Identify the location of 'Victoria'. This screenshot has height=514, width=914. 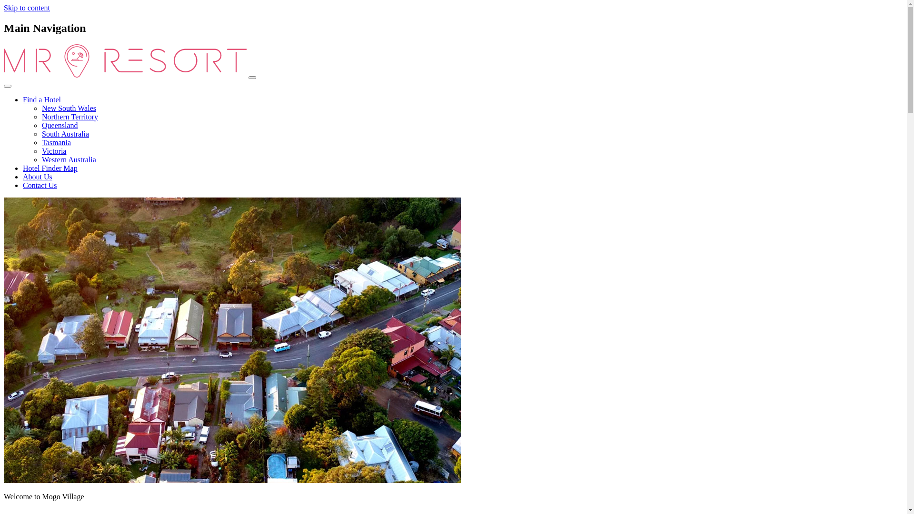
(53, 150).